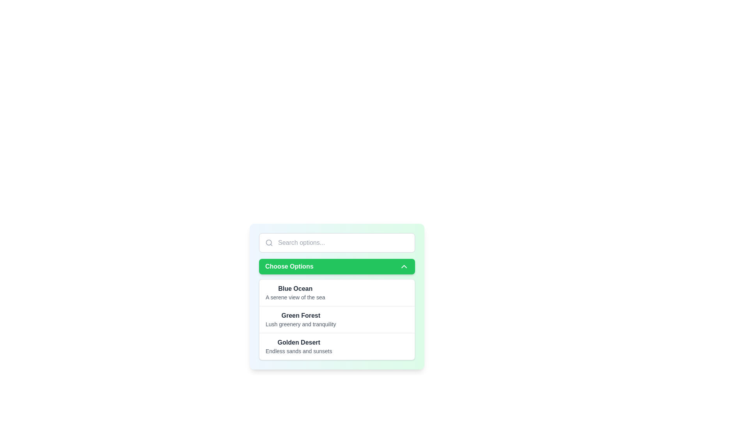 The image size is (749, 421). What do you see at coordinates (295, 288) in the screenshot?
I see `the text label for the 'Blue Ocean' option in the dropdown menu` at bounding box center [295, 288].